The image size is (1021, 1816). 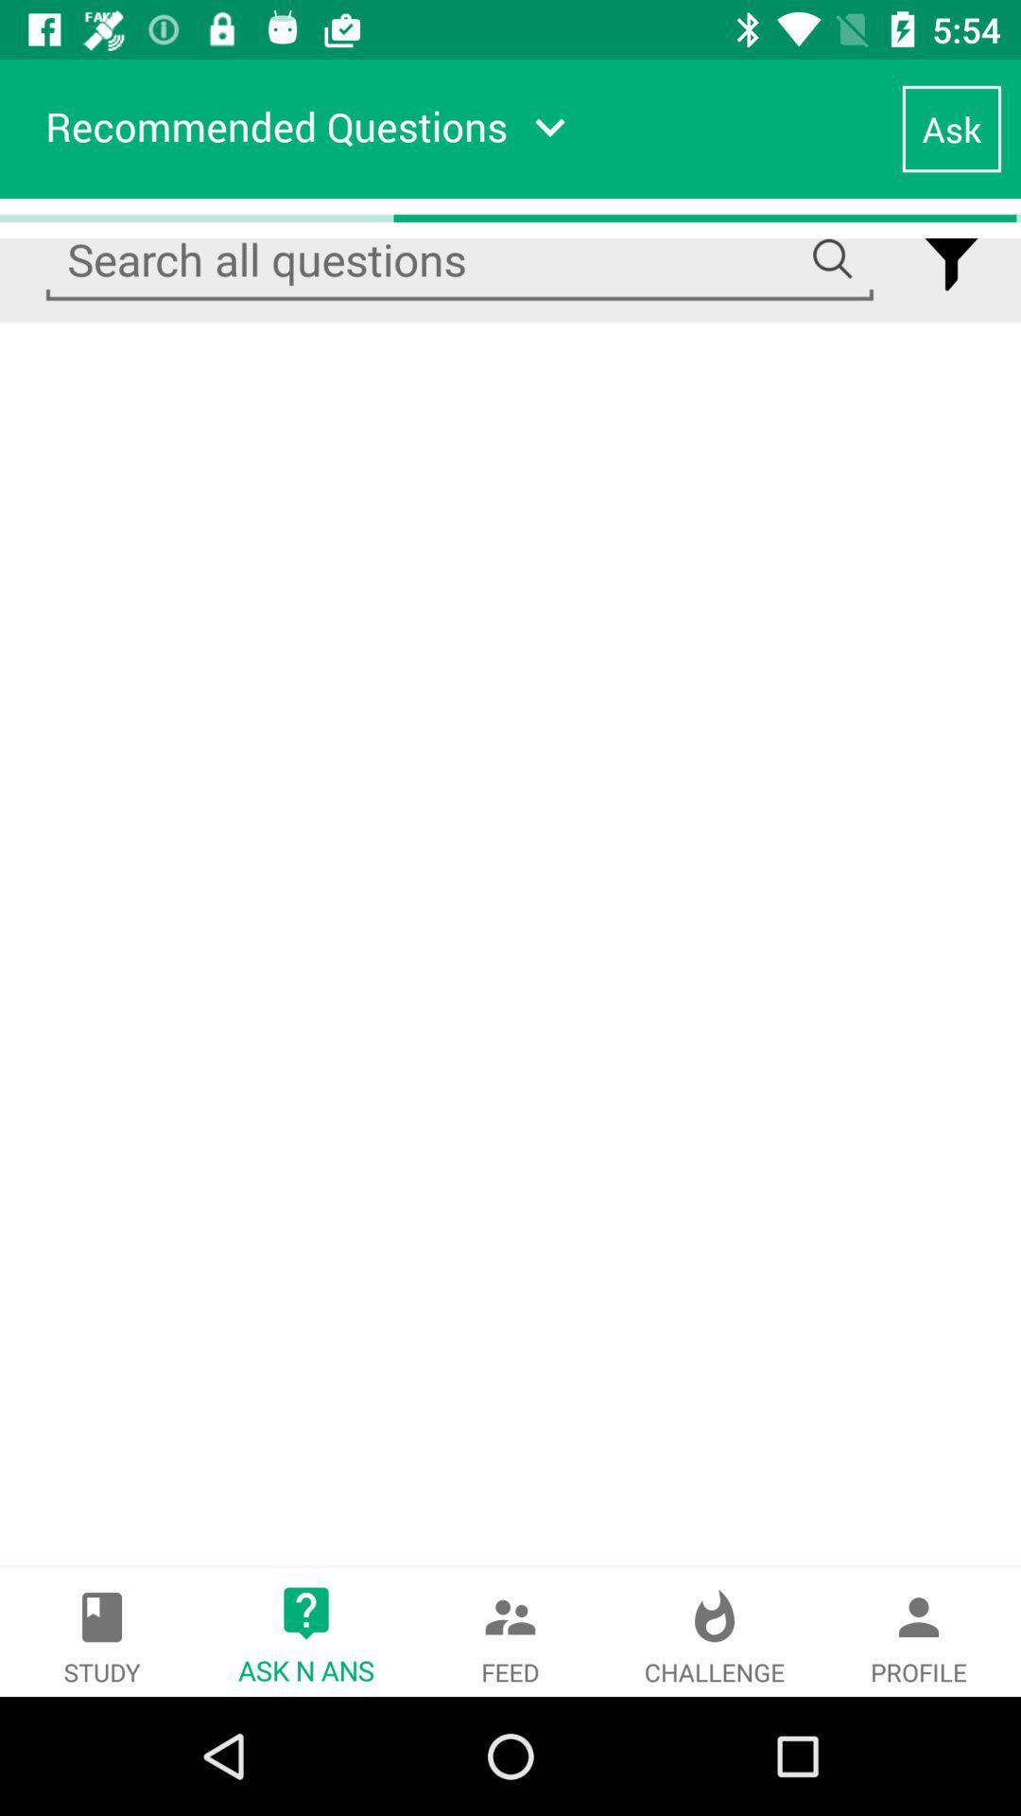 What do you see at coordinates (459, 259) in the screenshot?
I see `search bar` at bounding box center [459, 259].